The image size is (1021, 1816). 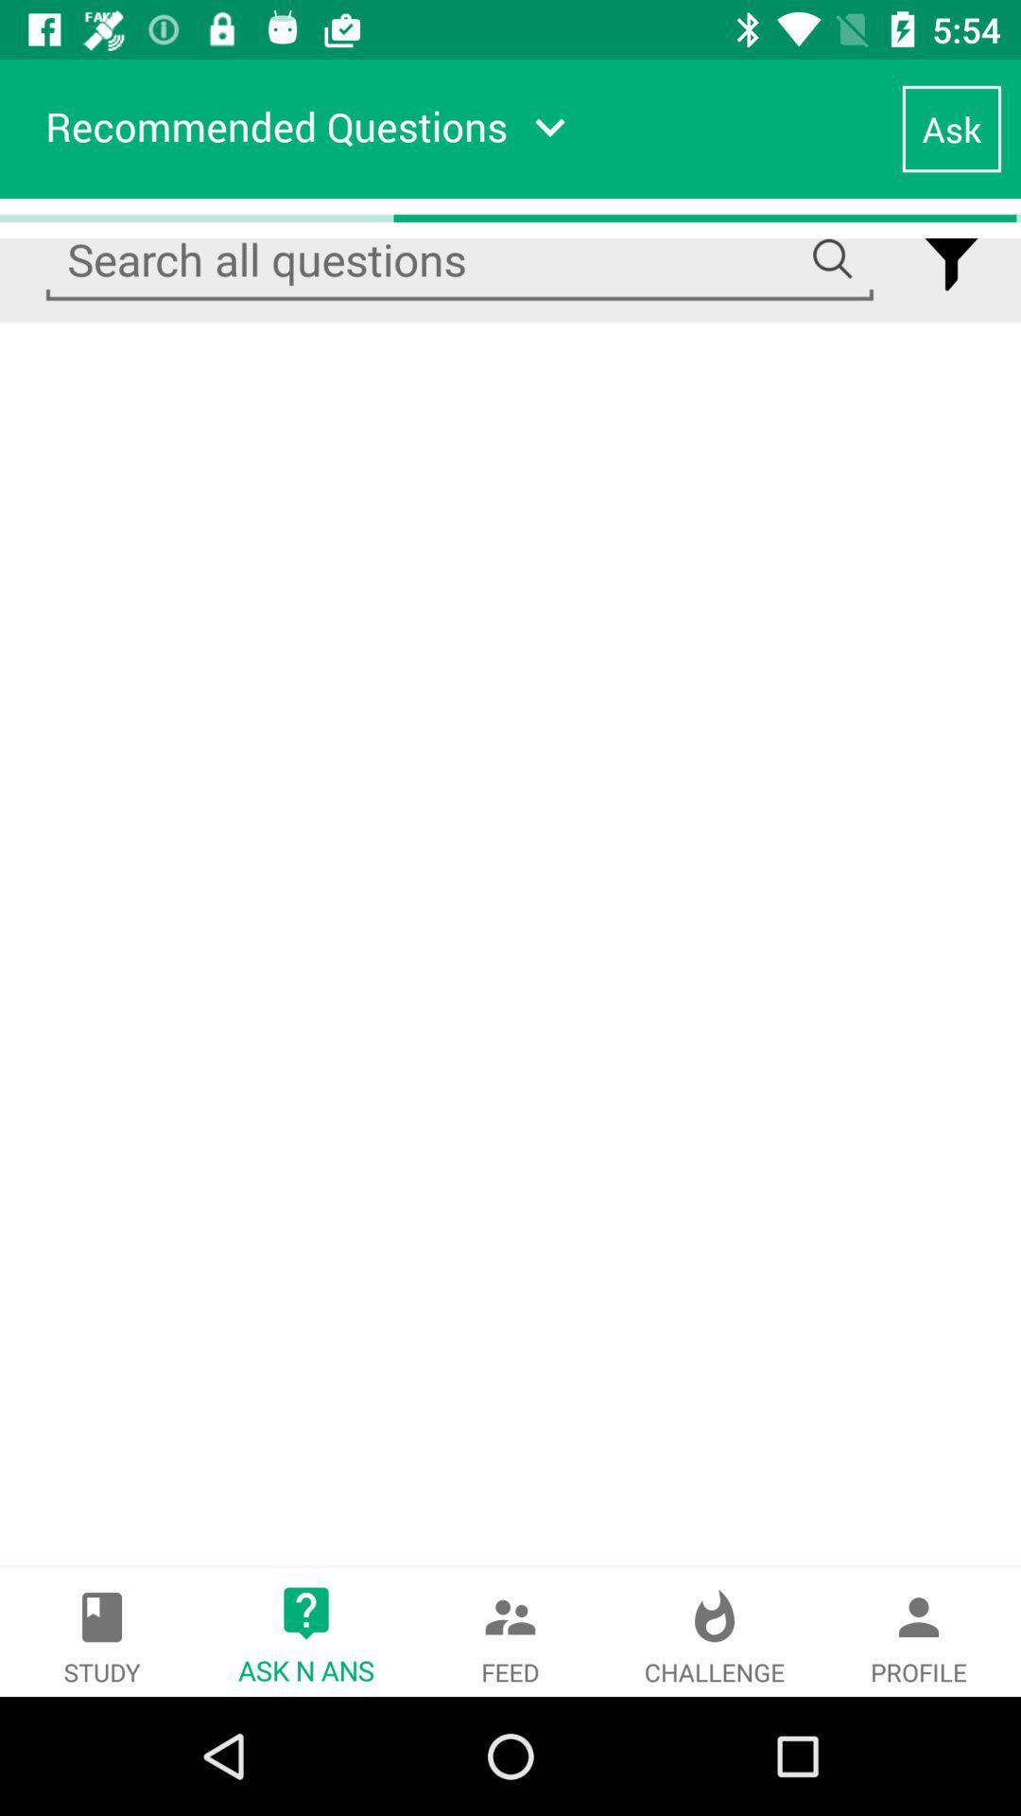 What do you see at coordinates (459, 259) in the screenshot?
I see `search bar` at bounding box center [459, 259].